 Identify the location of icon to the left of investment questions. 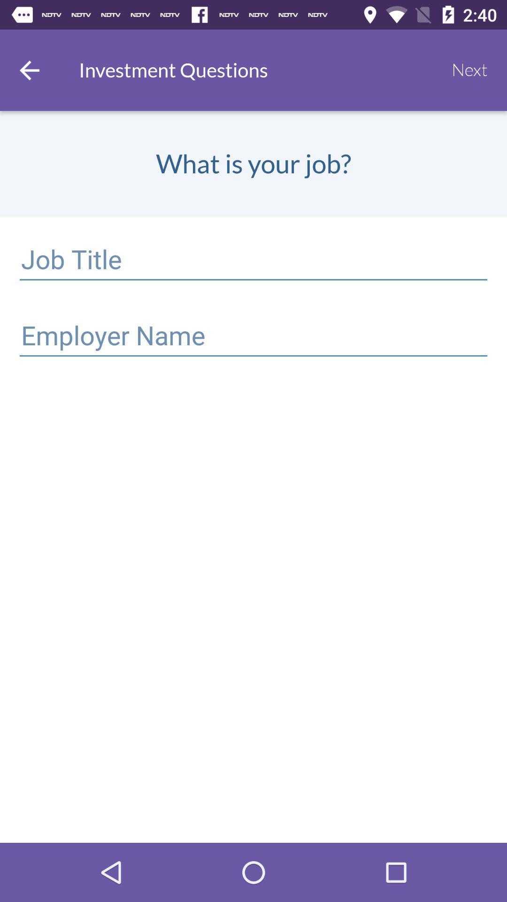
(29, 70).